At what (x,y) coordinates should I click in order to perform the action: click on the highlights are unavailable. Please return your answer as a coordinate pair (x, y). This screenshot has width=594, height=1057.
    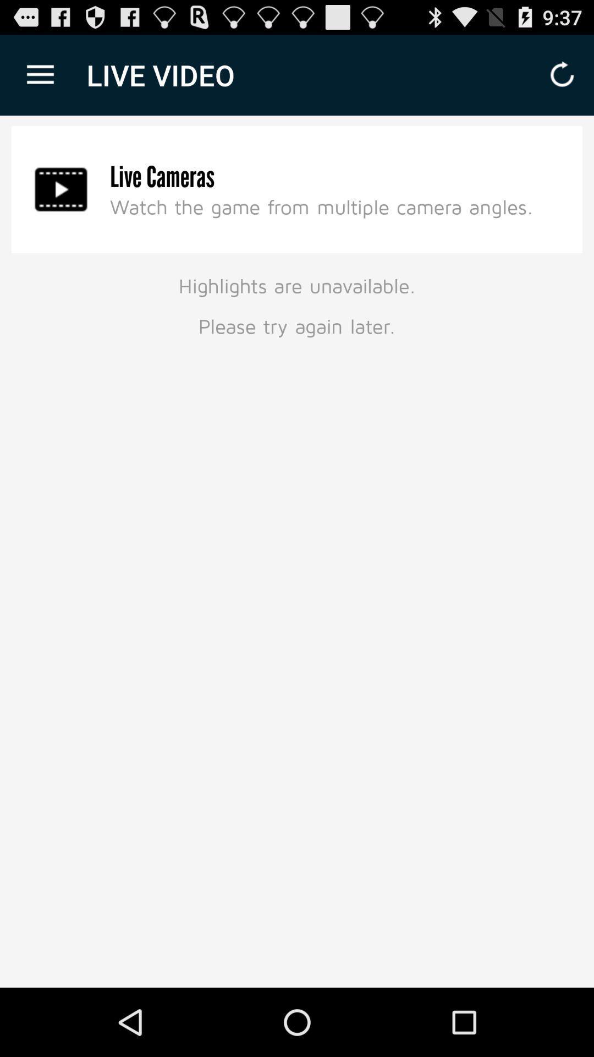
    Looking at the image, I should click on (297, 304).